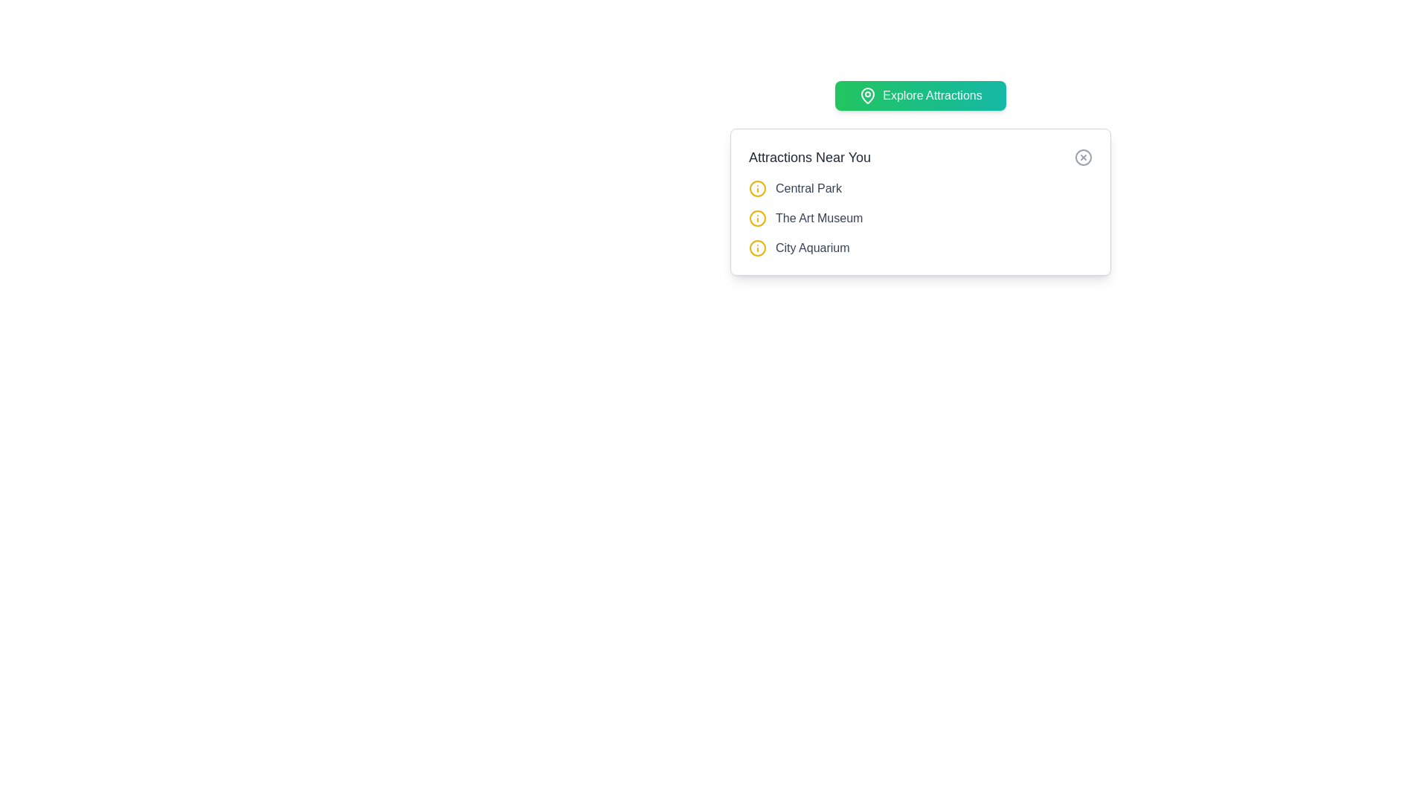 This screenshot has width=1428, height=803. What do you see at coordinates (757, 218) in the screenshot?
I see `the circular yellow informational icon located to the left of the 'The Art Museum' text label` at bounding box center [757, 218].